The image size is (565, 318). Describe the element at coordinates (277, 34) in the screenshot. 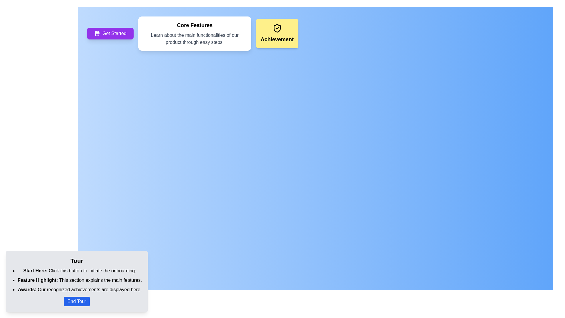

I see `the Card element that serves as a visual indicator for achievements, located to the right of the 'Core Features' card and vertically centered in its row` at that location.